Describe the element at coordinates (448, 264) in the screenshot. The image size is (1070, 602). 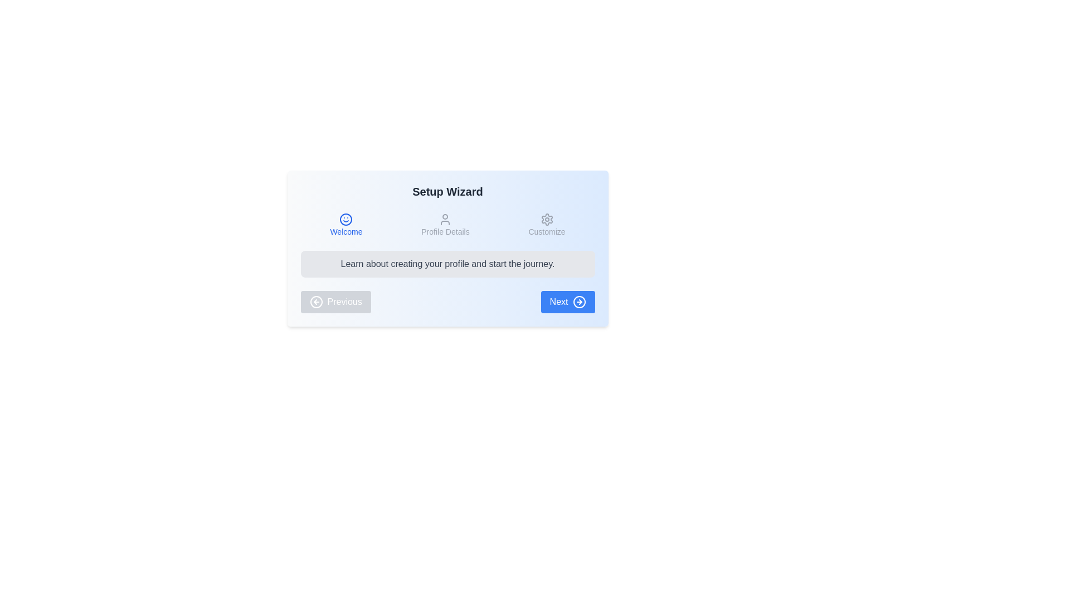
I see `the informational text label that provides guidance in the setup wizard, positioned below the 'Welcome' header and above the navigation buttons` at that location.